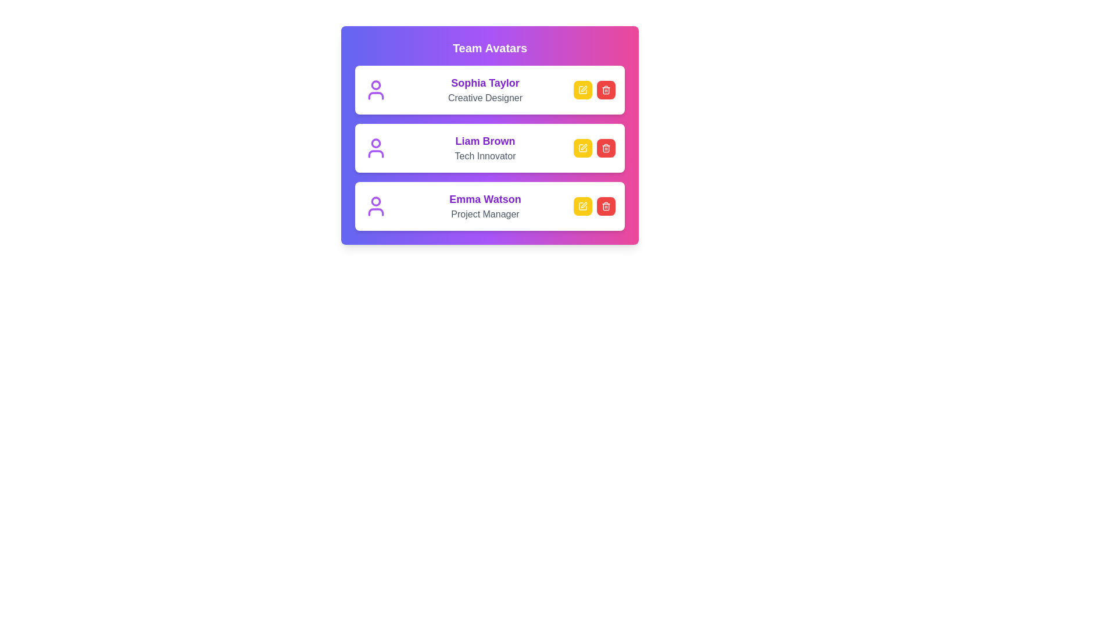  I want to click on the delete button (trash bin icon) located within the red circular action button on the right side of the row for 'Liam Brown', so click(605, 147).